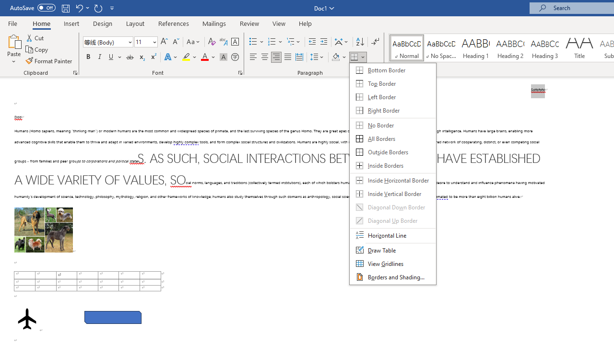 This screenshot has height=345, width=614. I want to click on 'Bullets', so click(257, 41).